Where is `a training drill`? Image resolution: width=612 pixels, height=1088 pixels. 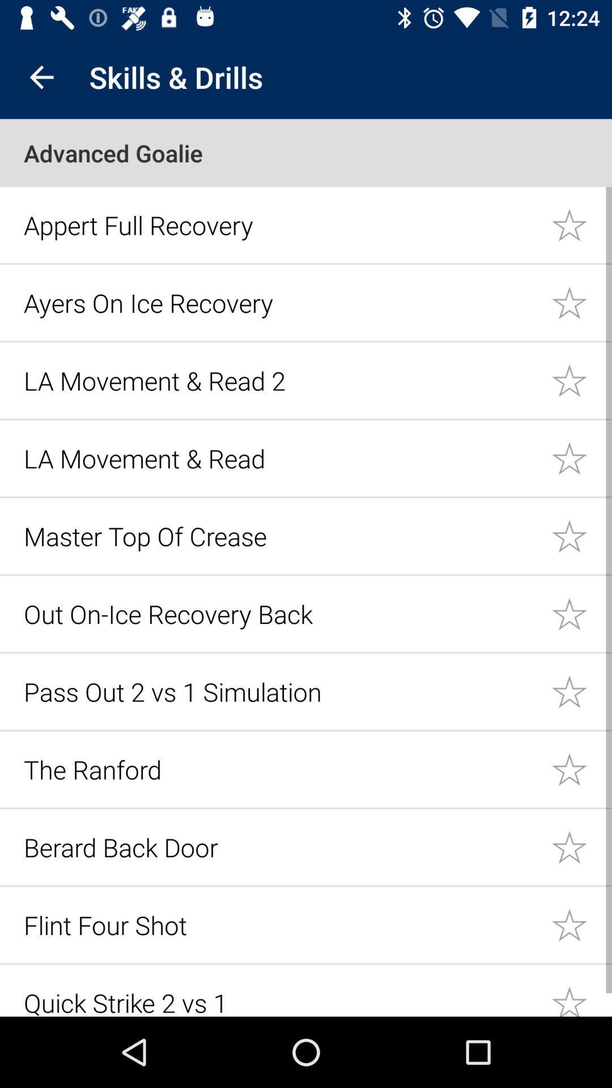 a training drill is located at coordinates (581, 847).